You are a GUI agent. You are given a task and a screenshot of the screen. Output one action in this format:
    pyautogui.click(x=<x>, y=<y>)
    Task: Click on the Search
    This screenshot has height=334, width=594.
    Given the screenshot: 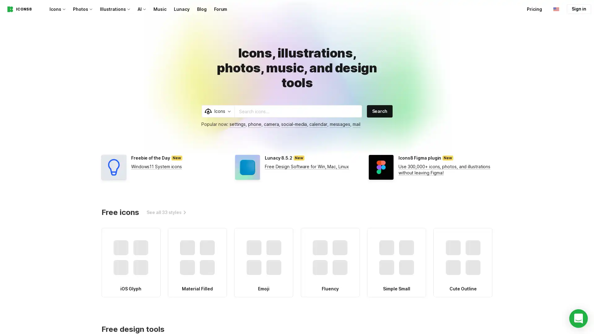 What is the action you would take?
    pyautogui.click(x=379, y=111)
    